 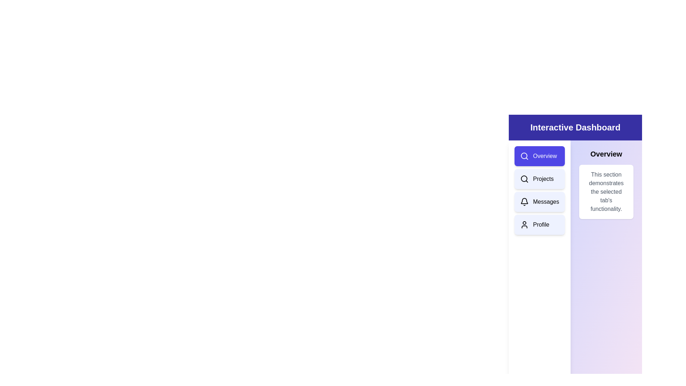 I want to click on the 'Overview' button with rounded corners and a purple background, so click(x=540, y=155).